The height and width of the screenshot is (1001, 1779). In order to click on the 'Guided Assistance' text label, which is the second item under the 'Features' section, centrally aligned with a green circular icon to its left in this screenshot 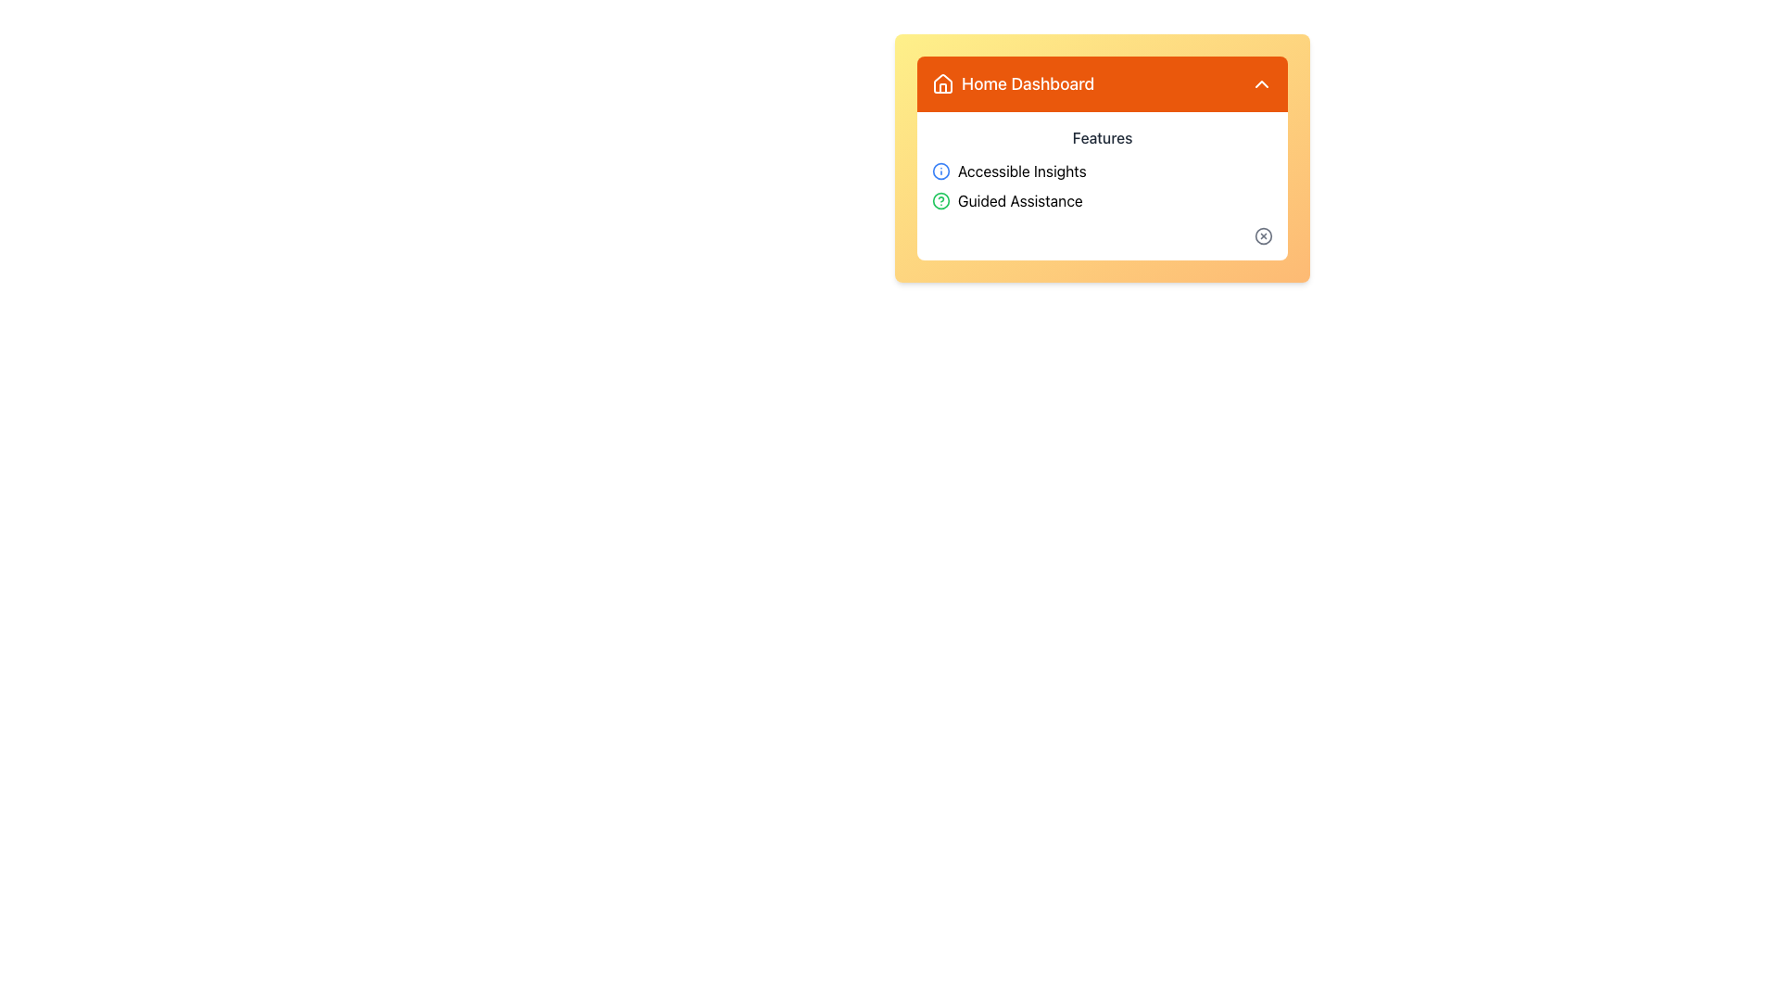, I will do `click(1019, 200)`.